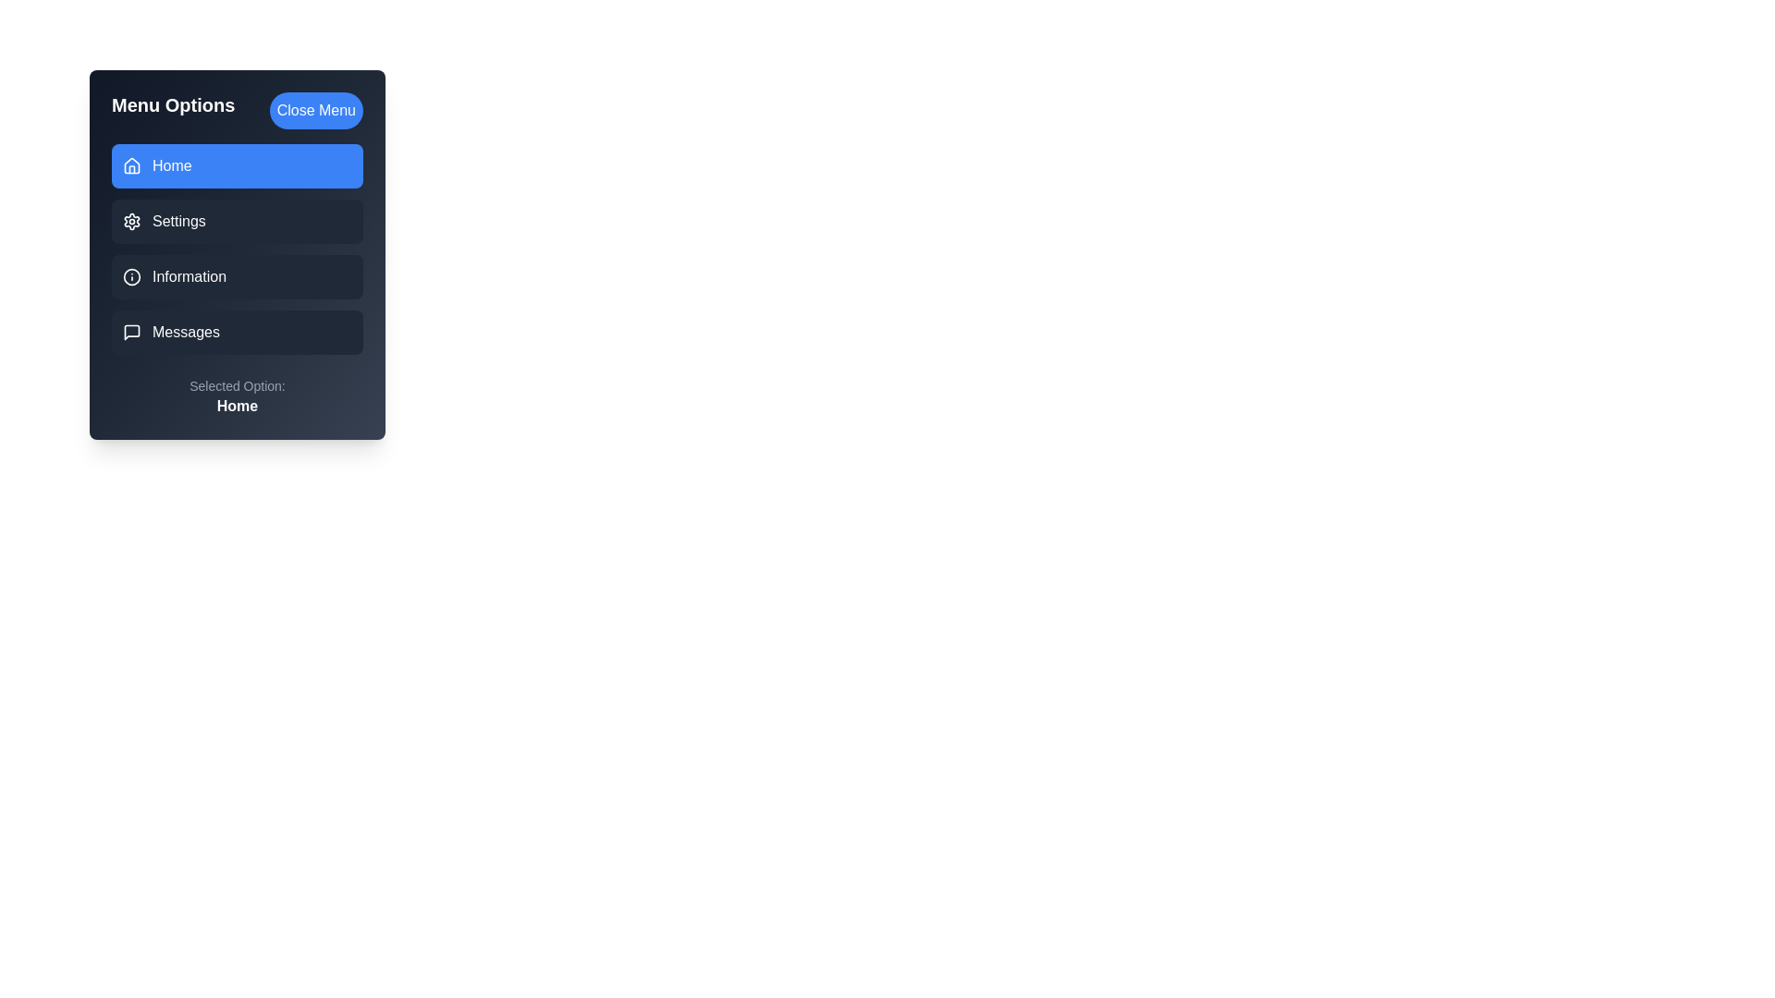  What do you see at coordinates (131, 220) in the screenshot?
I see `the gear-shaped settings icon located in the left vertical menu, specifically in the second position from the top within the list of navigation options` at bounding box center [131, 220].